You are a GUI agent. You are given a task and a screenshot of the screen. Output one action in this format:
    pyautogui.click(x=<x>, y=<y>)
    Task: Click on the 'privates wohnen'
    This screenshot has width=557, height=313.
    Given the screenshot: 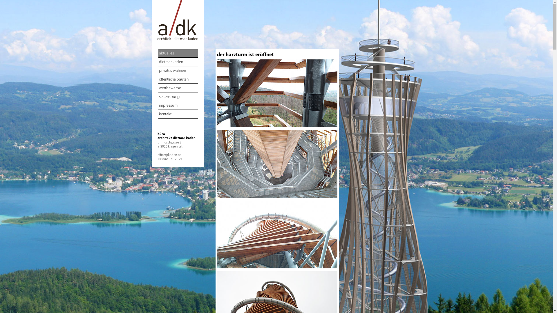 What is the action you would take?
    pyautogui.click(x=178, y=70)
    